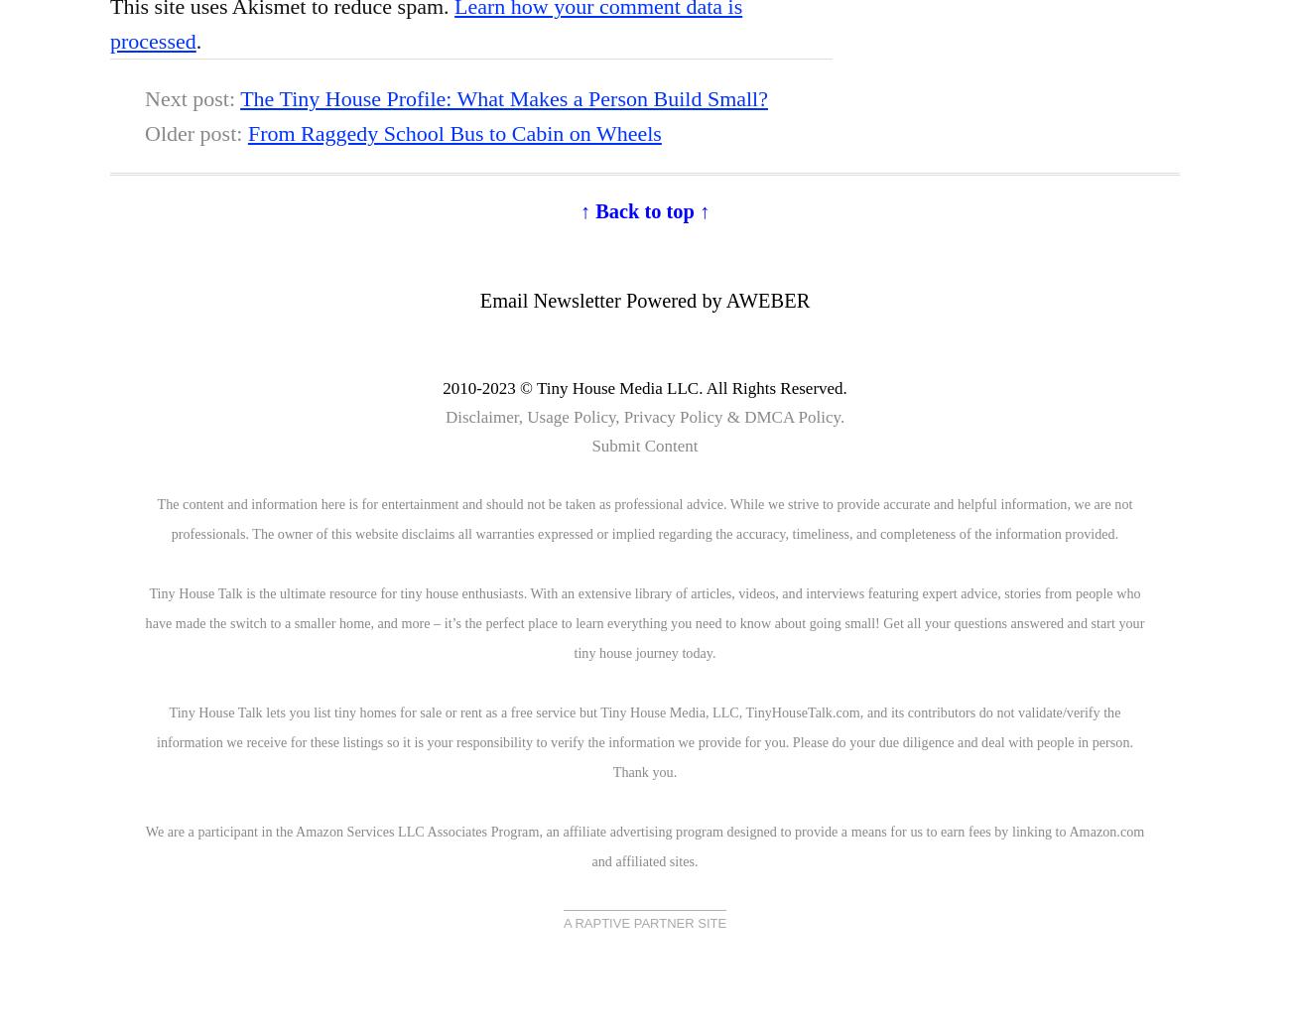 The height and width of the screenshot is (1033, 1290). What do you see at coordinates (644, 209) in the screenshot?
I see `'↑ Back to top ↑'` at bounding box center [644, 209].